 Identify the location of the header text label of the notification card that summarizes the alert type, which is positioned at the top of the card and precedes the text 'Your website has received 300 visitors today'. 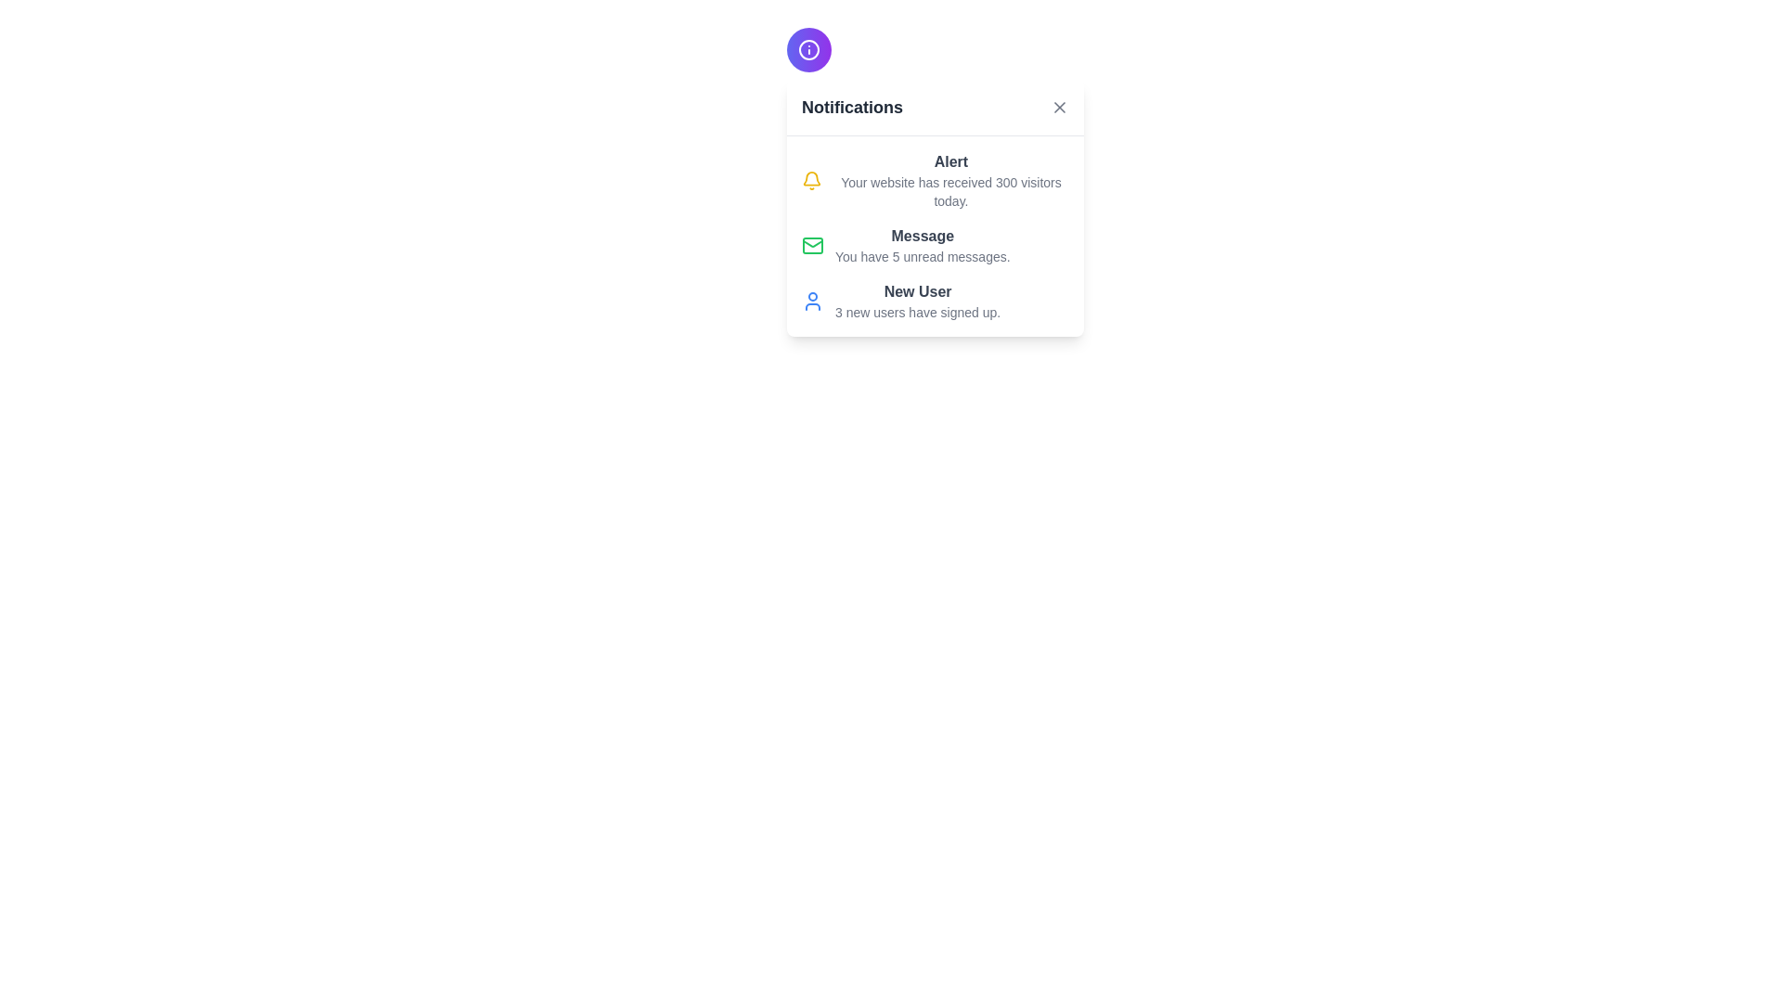
(950, 161).